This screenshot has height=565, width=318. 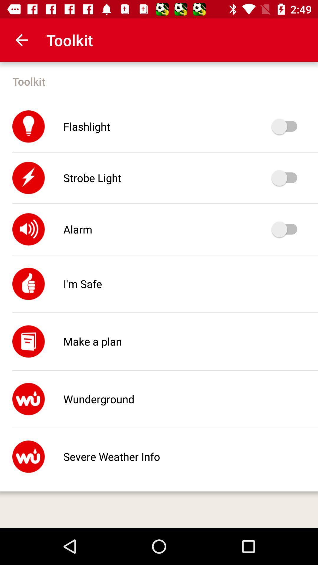 What do you see at coordinates (21, 40) in the screenshot?
I see `the icon above toolkit item` at bounding box center [21, 40].